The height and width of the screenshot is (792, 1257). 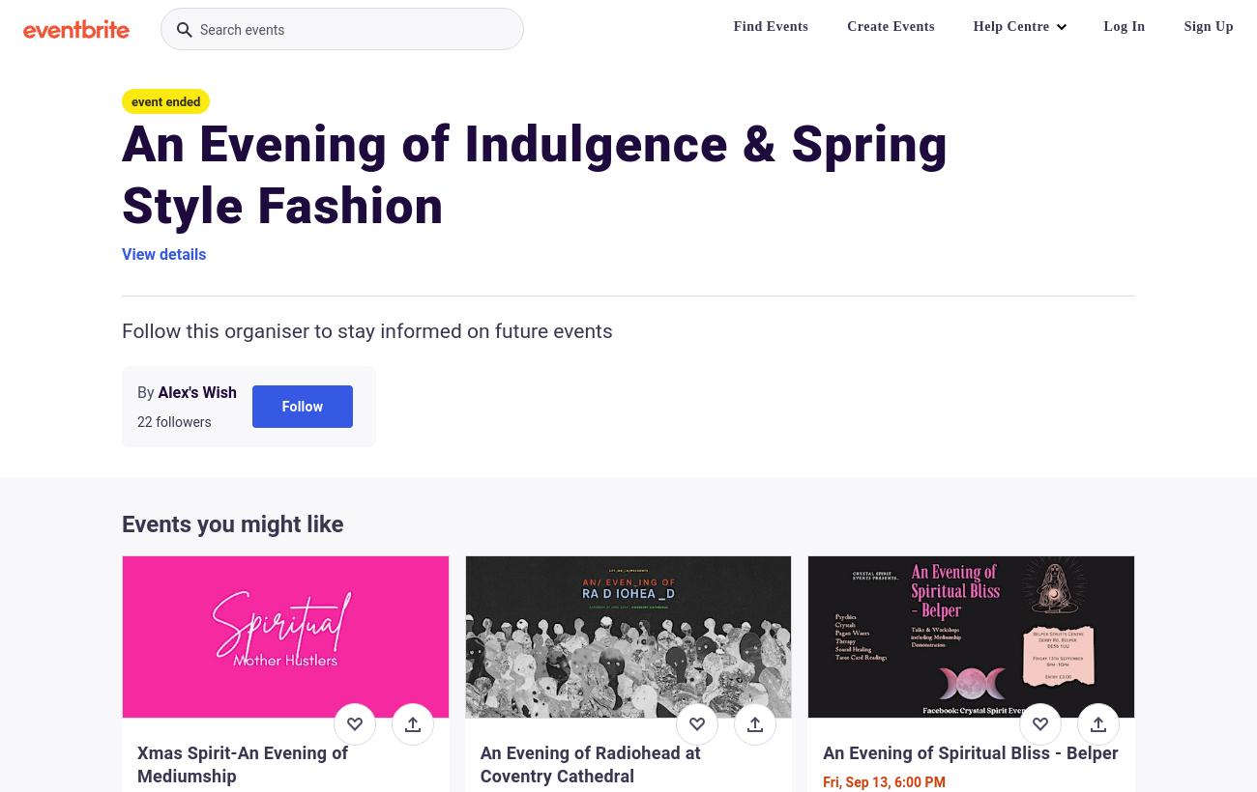 What do you see at coordinates (1124, 25) in the screenshot?
I see `'Log In'` at bounding box center [1124, 25].